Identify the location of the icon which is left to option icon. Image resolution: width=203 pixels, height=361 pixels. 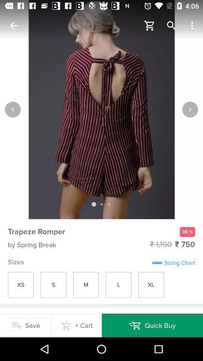
(171, 26).